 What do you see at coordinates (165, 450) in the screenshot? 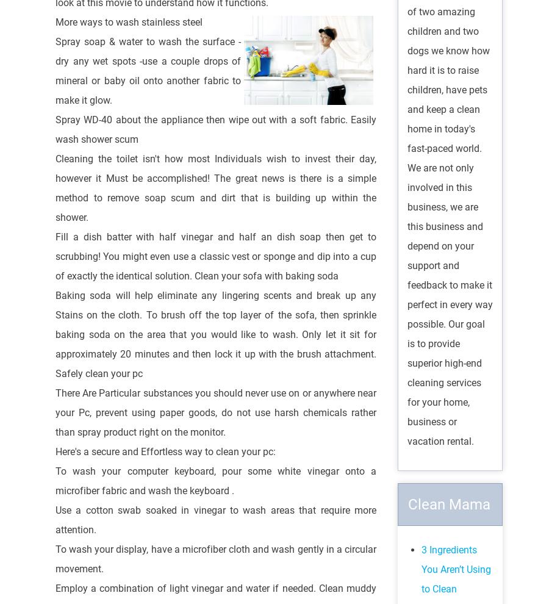
I see `'Here's a secure and Effortless way to clean your pc:'` at bounding box center [165, 450].